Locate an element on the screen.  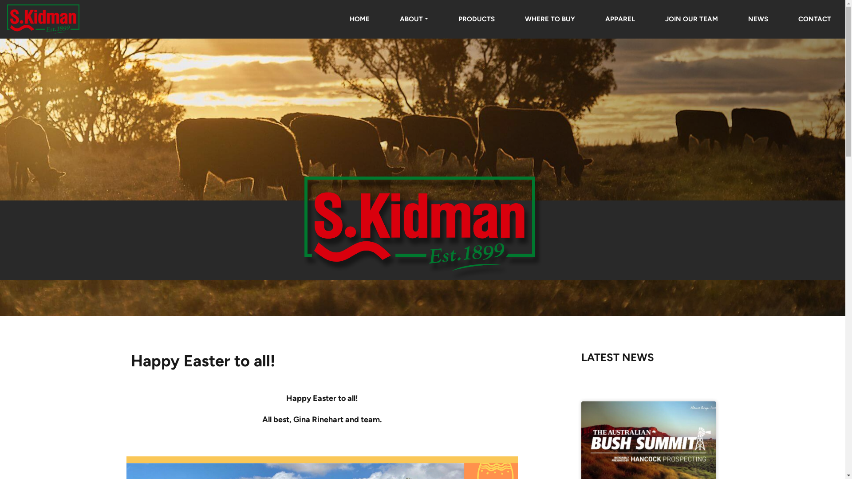
'JOIN OUR TEAM' is located at coordinates (691, 19).